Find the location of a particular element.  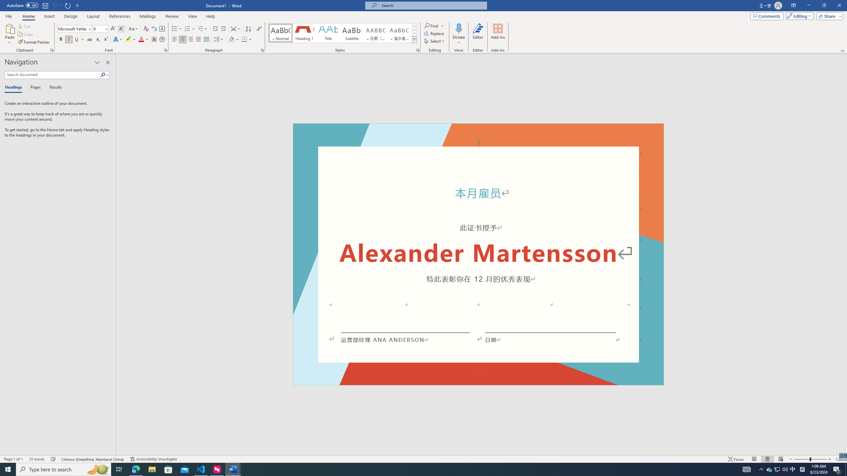

'Enclose Characters...' is located at coordinates (162, 39).